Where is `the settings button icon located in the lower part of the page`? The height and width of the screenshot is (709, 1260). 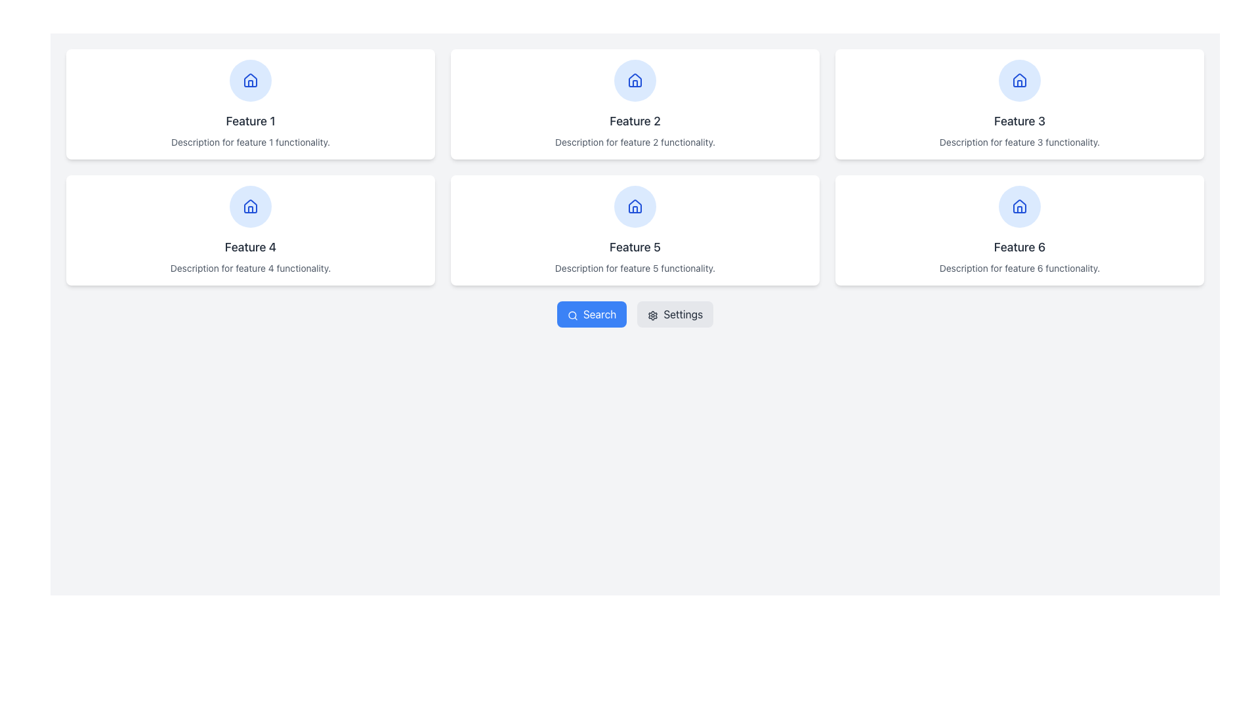 the settings button icon located in the lower part of the page is located at coordinates (653, 315).